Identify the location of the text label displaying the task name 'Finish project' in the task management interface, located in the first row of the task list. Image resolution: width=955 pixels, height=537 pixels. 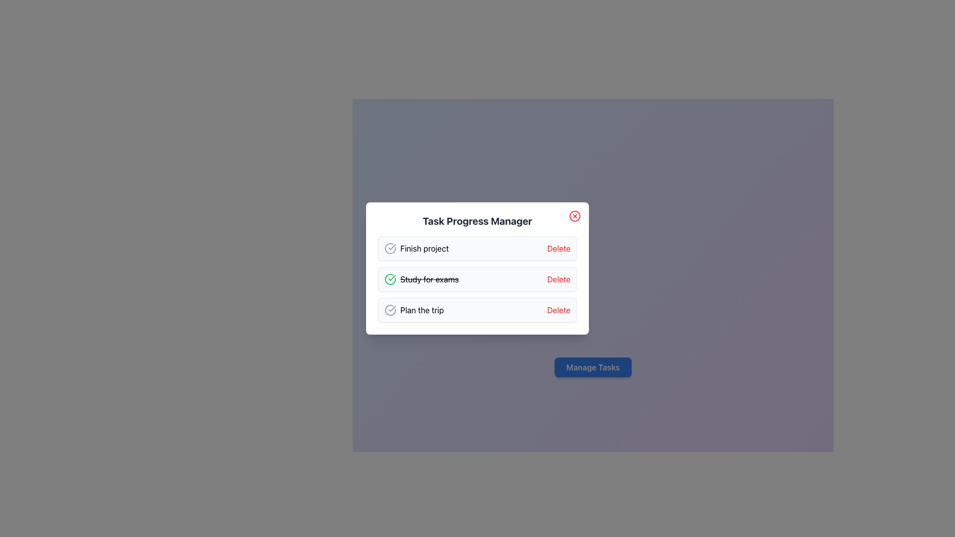
(424, 248).